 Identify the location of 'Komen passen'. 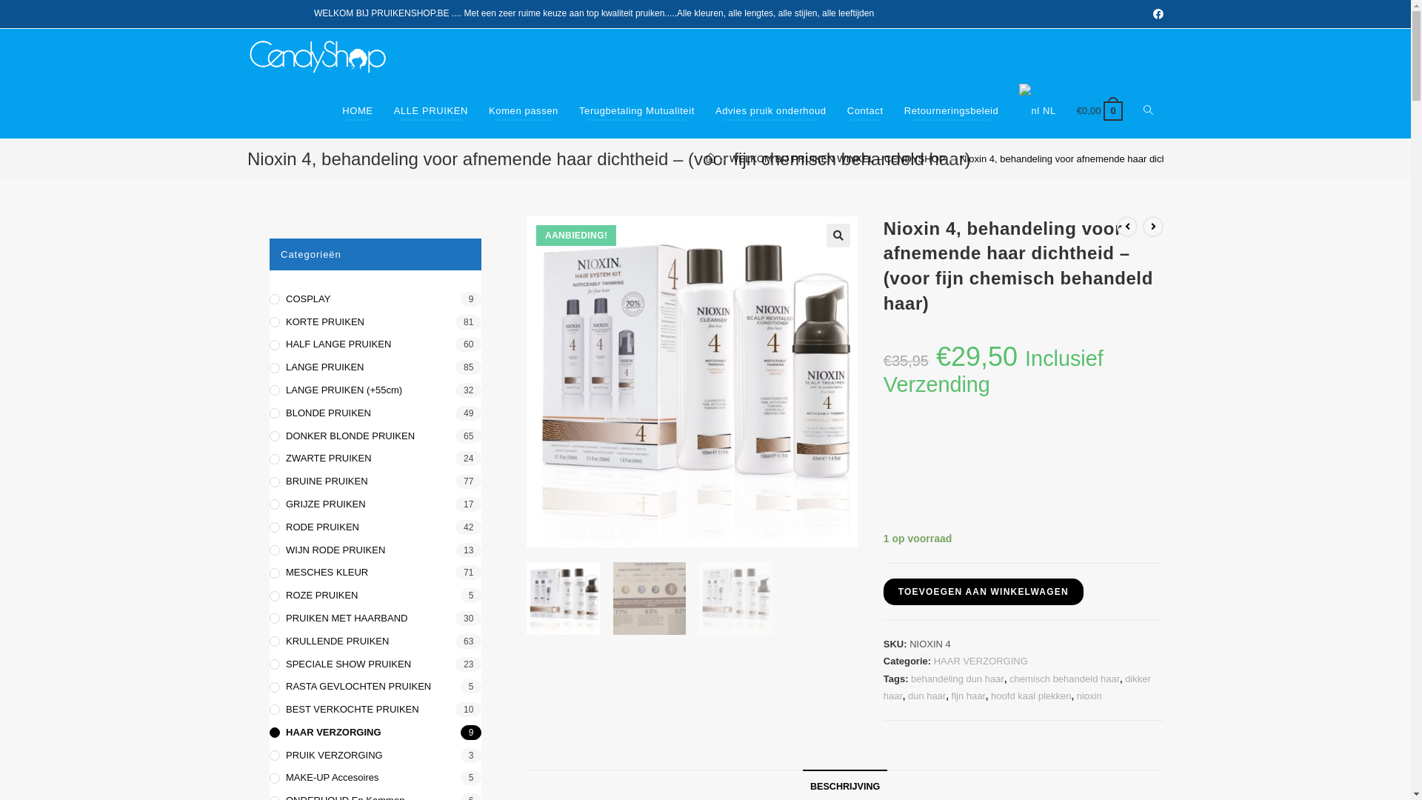
(478, 110).